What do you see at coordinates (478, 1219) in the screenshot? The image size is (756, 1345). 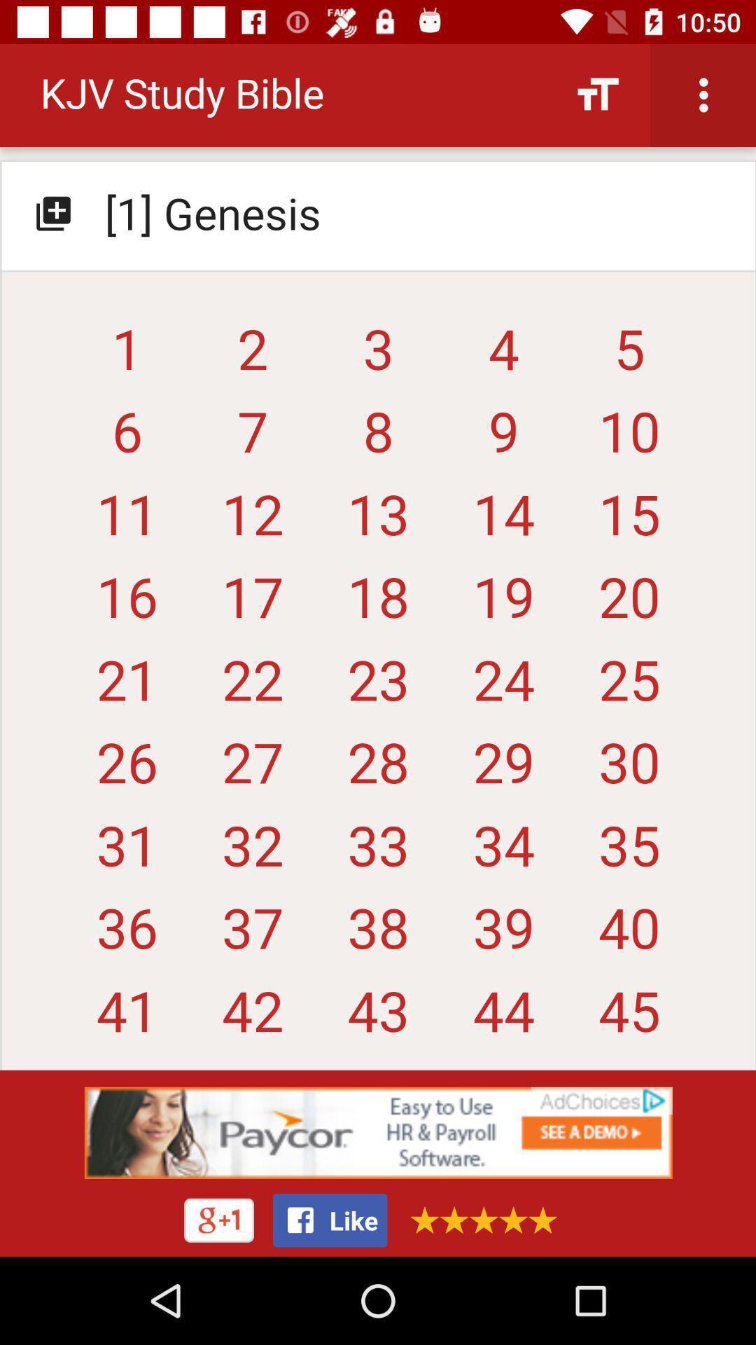 I see `leave rating` at bounding box center [478, 1219].